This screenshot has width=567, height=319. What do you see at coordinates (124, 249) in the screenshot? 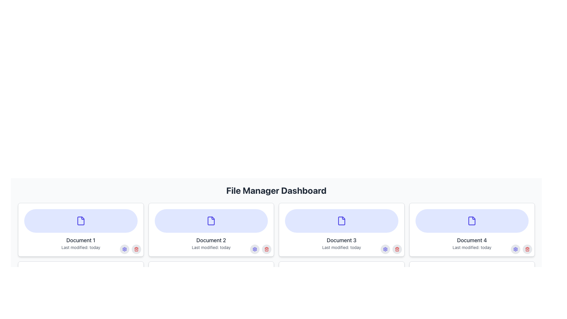
I see `the settings icon located at the bottom right corner of the 'Document 1' card` at bounding box center [124, 249].